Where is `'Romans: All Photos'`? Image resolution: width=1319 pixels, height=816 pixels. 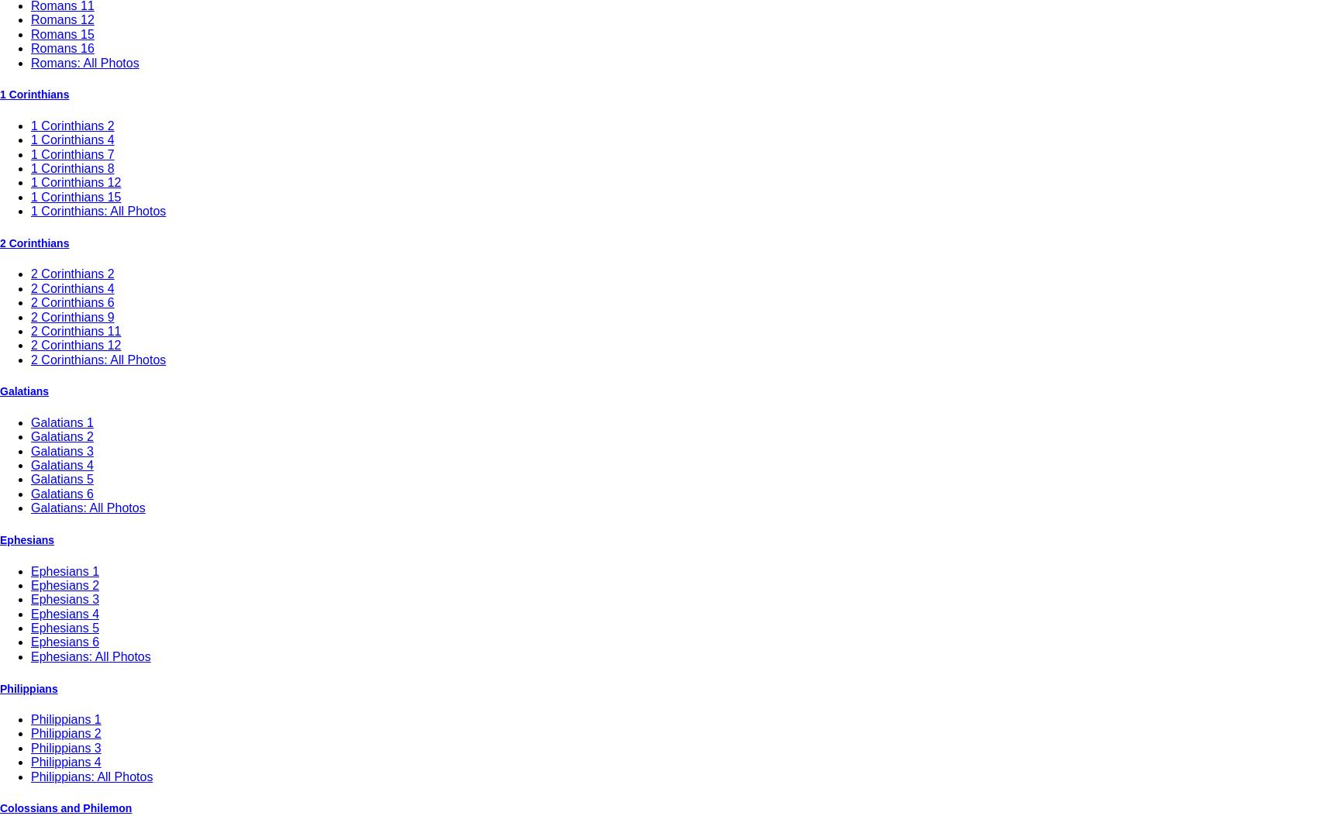 'Romans: All Photos' is located at coordinates (84, 61).